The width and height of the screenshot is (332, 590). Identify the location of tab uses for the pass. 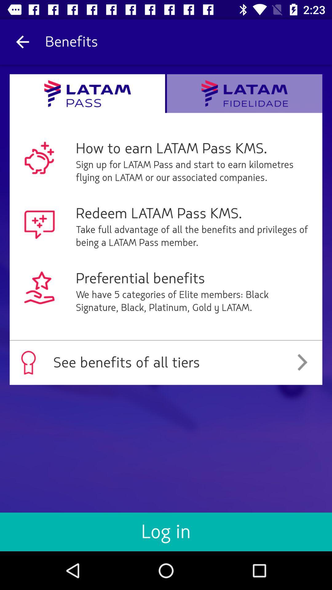
(87, 93).